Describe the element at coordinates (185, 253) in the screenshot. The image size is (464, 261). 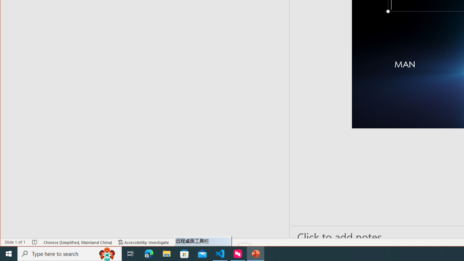
I see `'Microsoft Store'` at that location.